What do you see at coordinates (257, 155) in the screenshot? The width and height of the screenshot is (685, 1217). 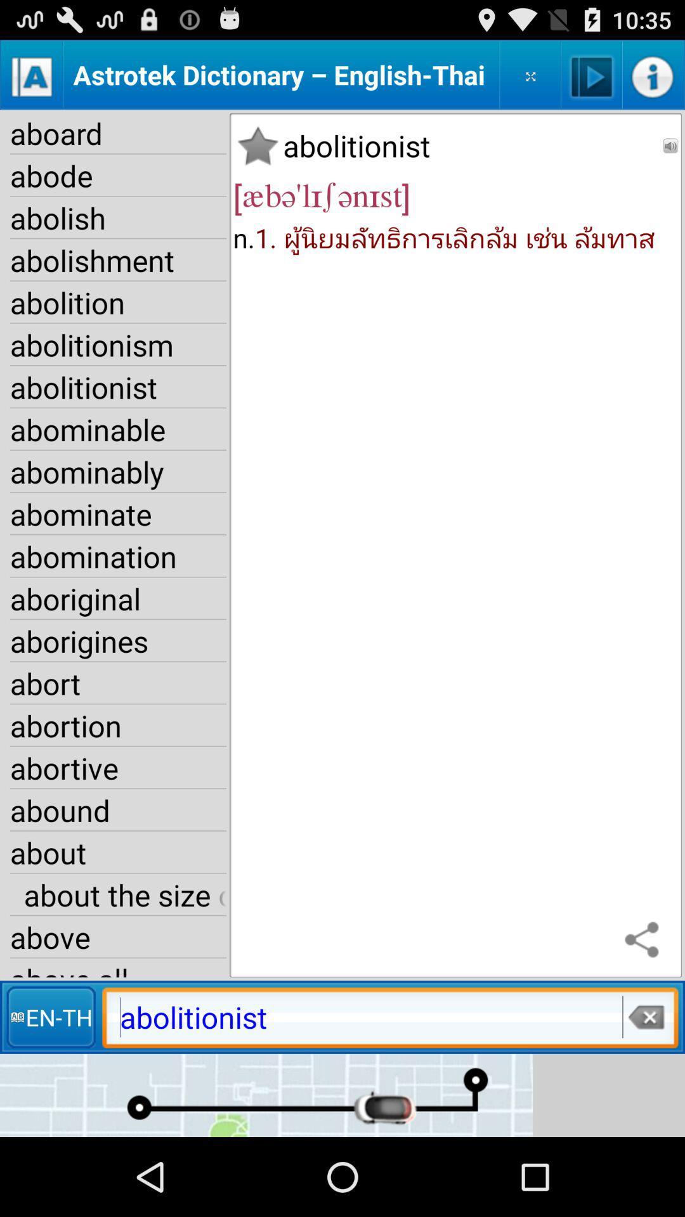 I see `the star icon` at bounding box center [257, 155].